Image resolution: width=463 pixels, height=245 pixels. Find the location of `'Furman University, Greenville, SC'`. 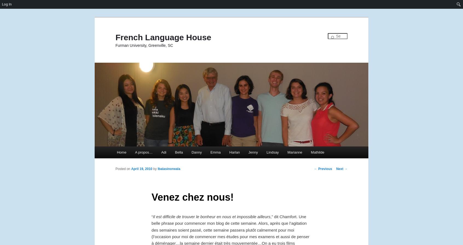

'Furman University, Greenville, SC' is located at coordinates (144, 45).